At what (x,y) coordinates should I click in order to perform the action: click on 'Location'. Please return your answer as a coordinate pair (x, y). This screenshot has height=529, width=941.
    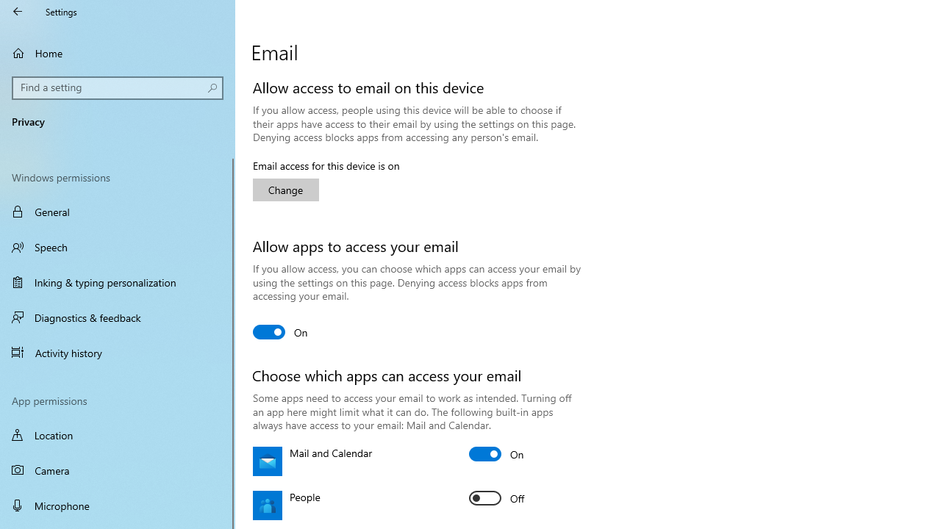
    Looking at the image, I should click on (118, 434).